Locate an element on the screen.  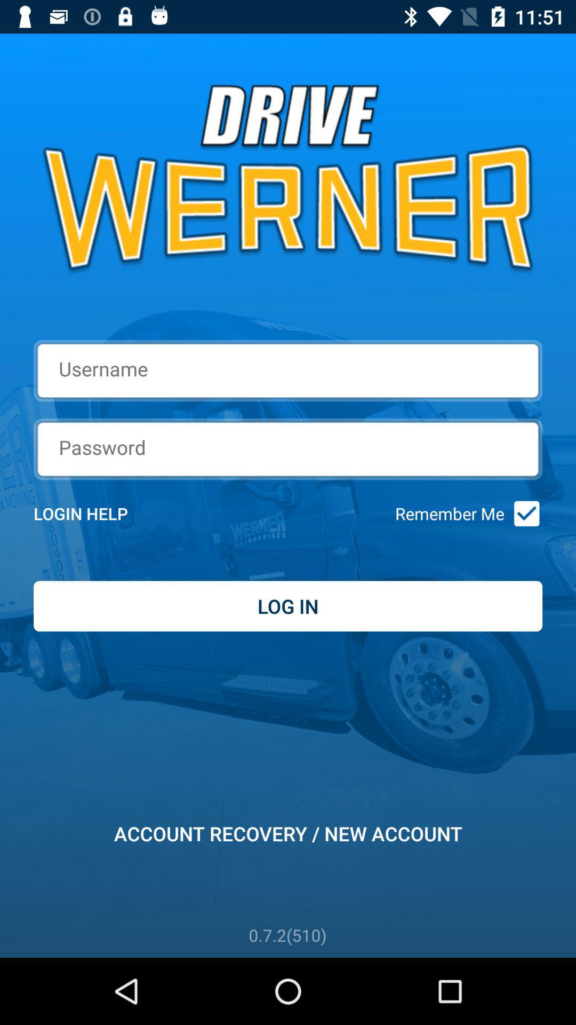
the log in icon is located at coordinates (288, 606).